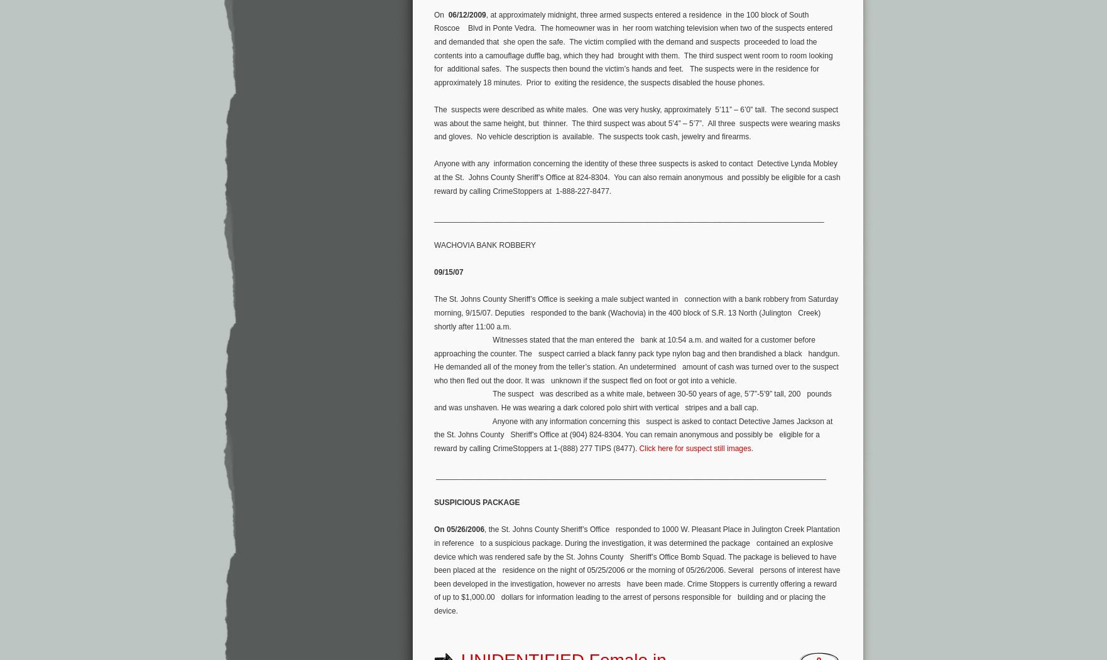 Image resolution: width=1107 pixels, height=660 pixels. What do you see at coordinates (637, 570) in the screenshot?
I see `', the St. Johns County Sheriff’s Office   responded to 1000 W. Pleasant Place in Julington Creek Plantation in reference   to a suspicious package. During the investigation, it was determined the package   contained an explosive device which was rendered safe by the St. Johns County   Sheriff’s Office Bomb Squad. The package is believed to have been placed at the   residence on the night of 05/25/2006 or the morning of 05/26/2006. Several   persons of interest have been developed in the investigation, however no arrests   have been made. Crime Stoppers is currently offering a reward of up to $1,000.00   dollars for information leading to the arrest of persons responsible for   building and or placing the device.'` at bounding box center [637, 570].